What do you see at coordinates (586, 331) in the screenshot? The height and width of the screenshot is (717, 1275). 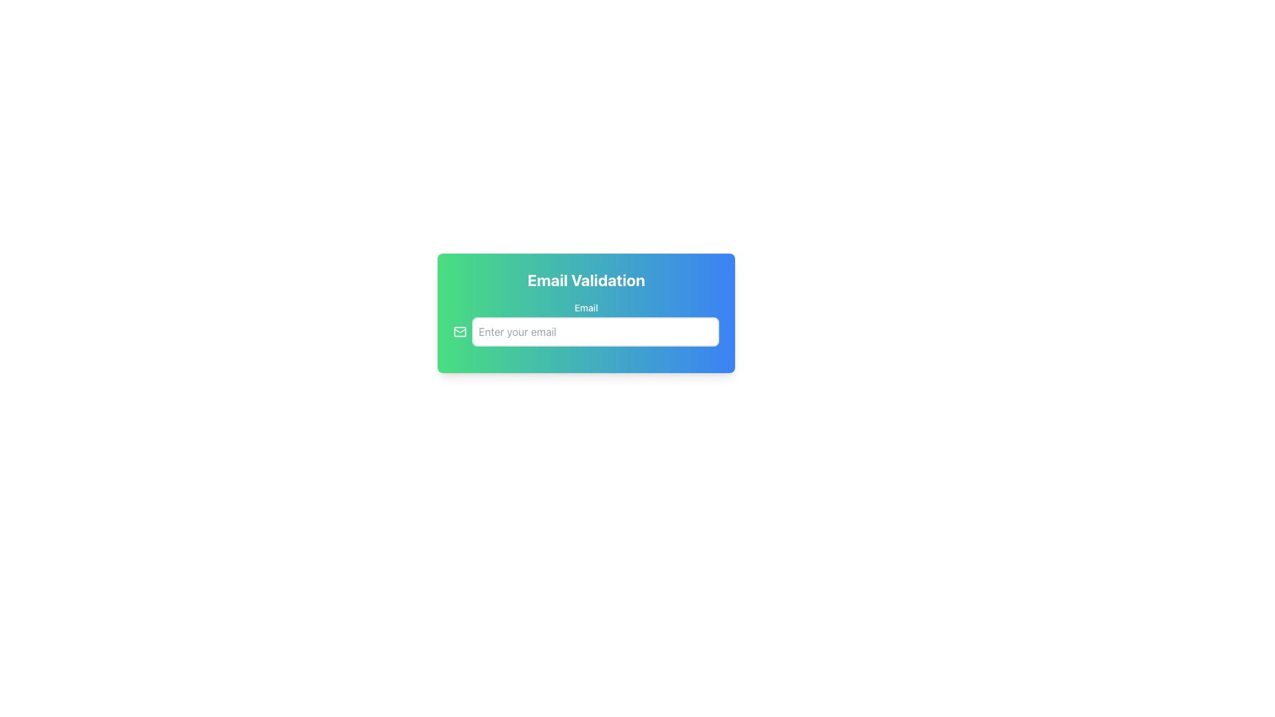 I see `the email input field located in the center of the visible card layout` at bounding box center [586, 331].